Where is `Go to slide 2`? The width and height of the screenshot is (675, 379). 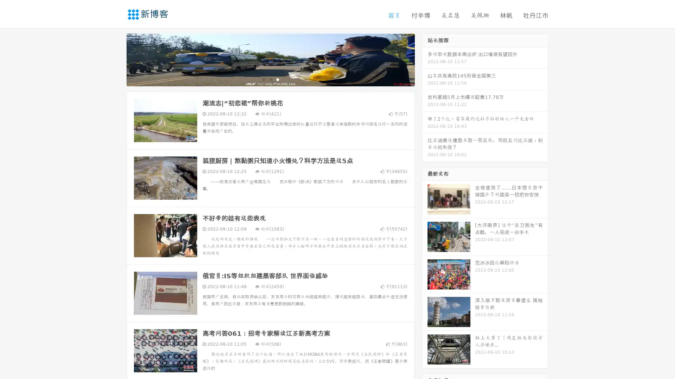
Go to slide 2 is located at coordinates (270, 79).